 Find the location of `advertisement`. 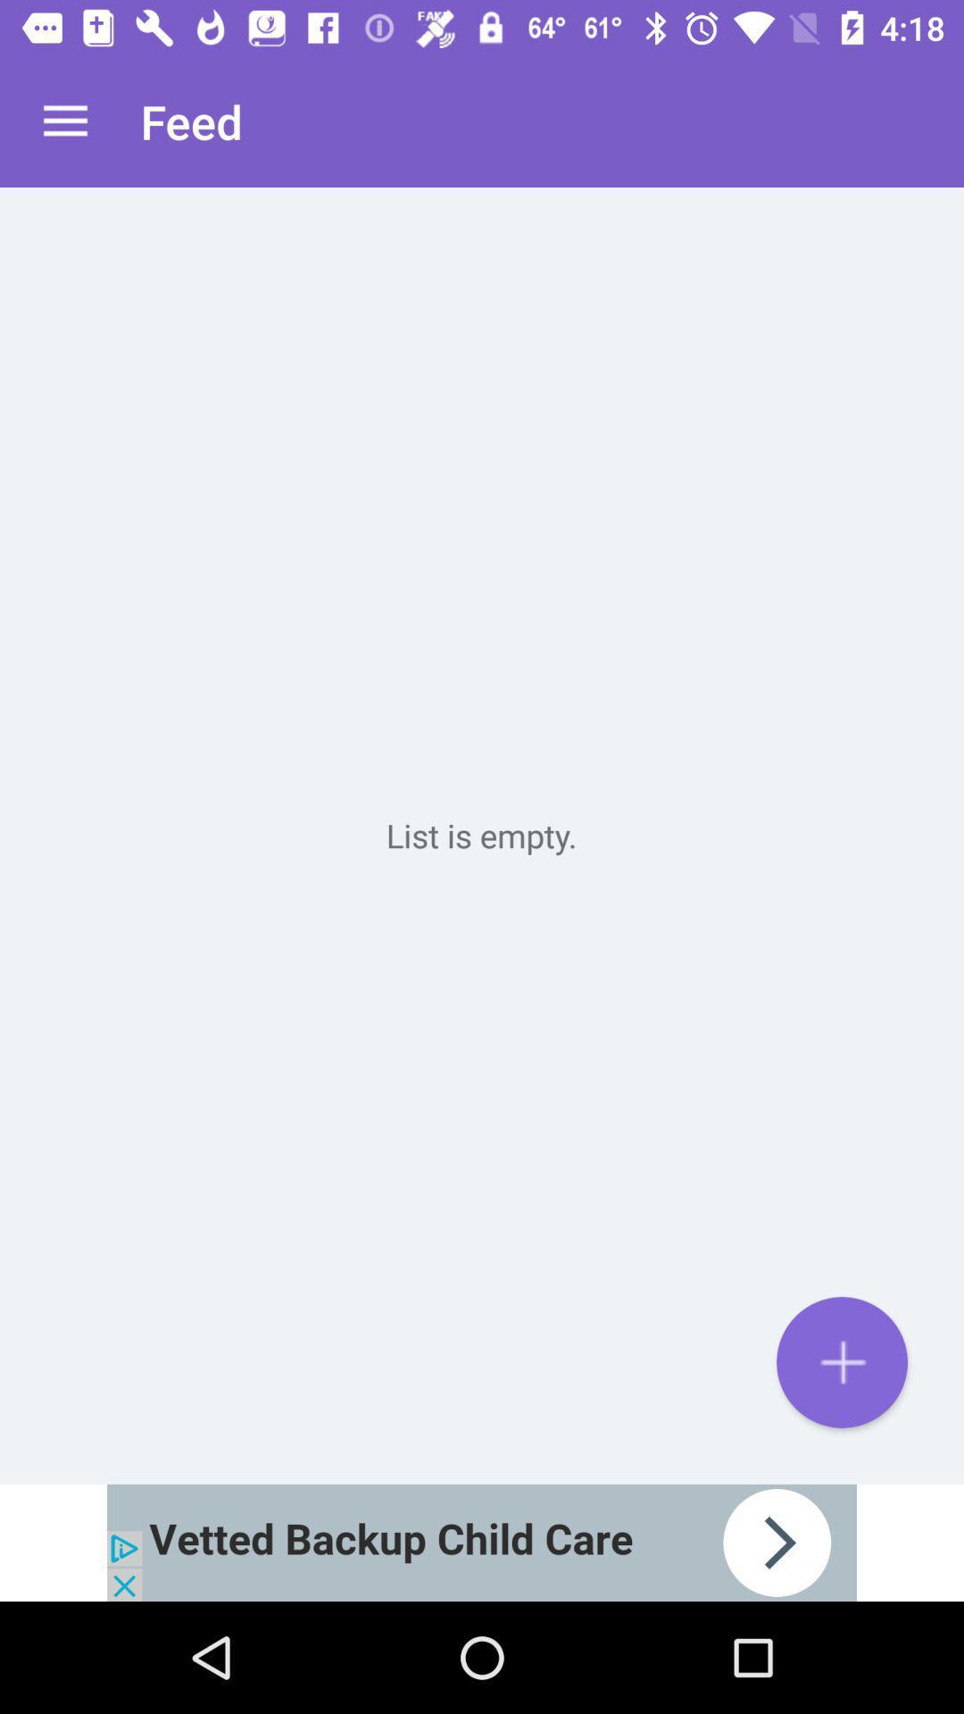

advertisement is located at coordinates (482, 1542).